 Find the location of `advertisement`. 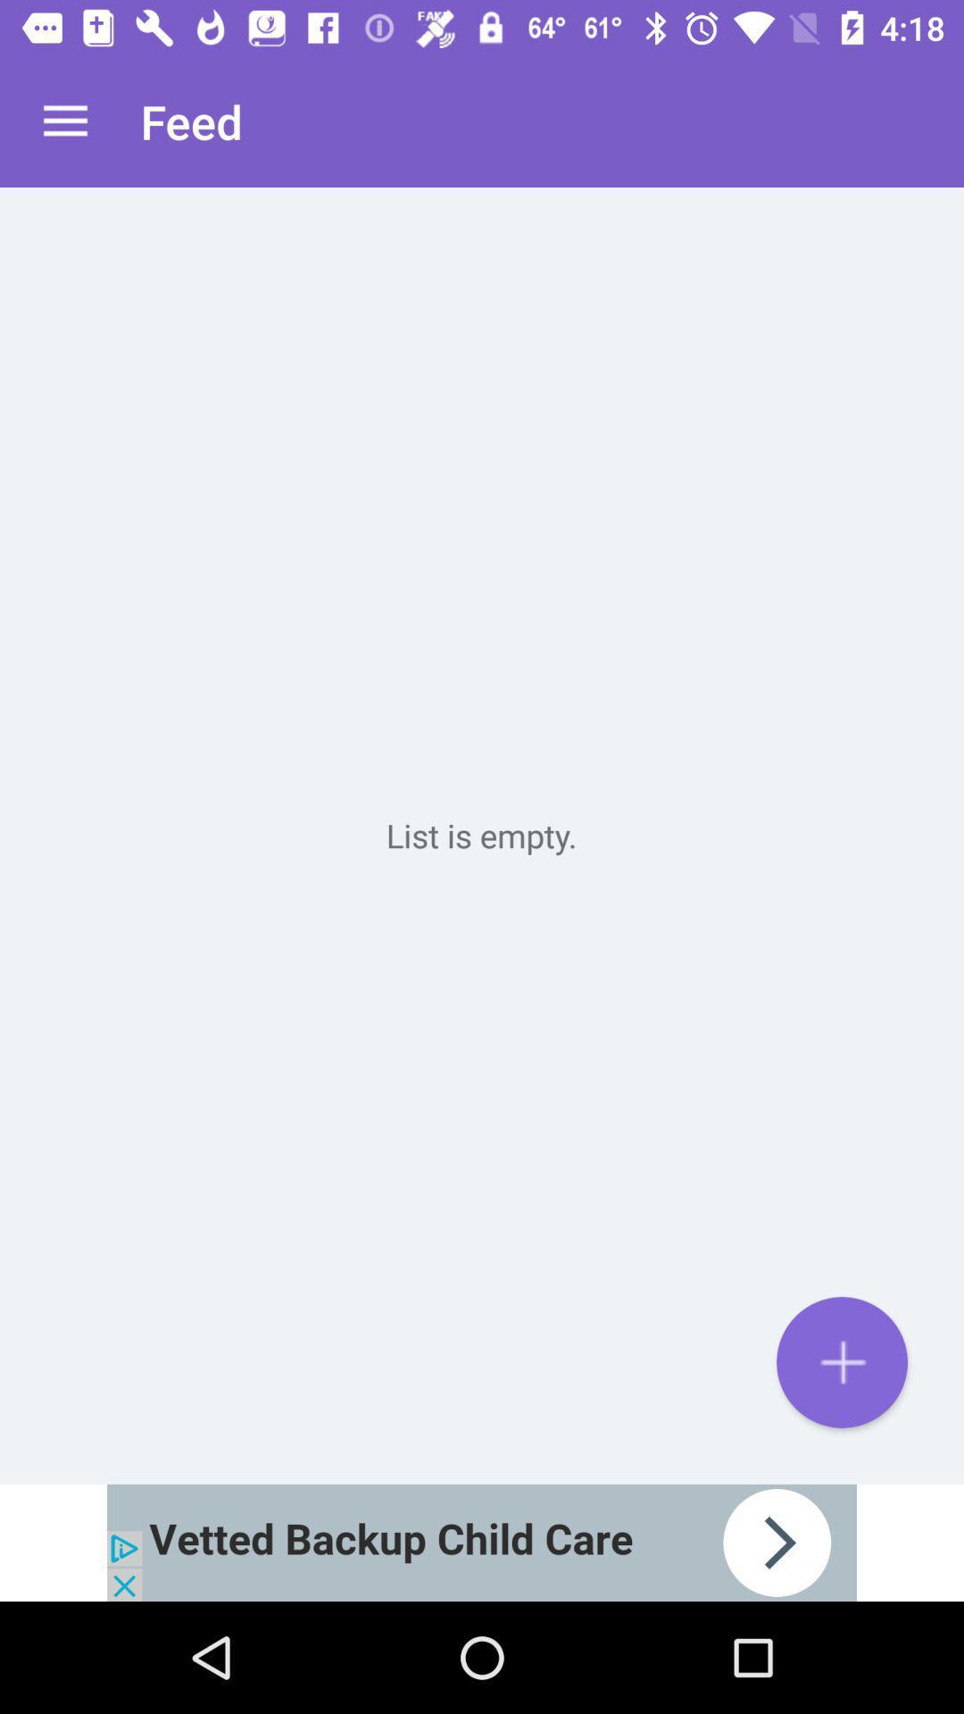

advertisement is located at coordinates (482, 1542).